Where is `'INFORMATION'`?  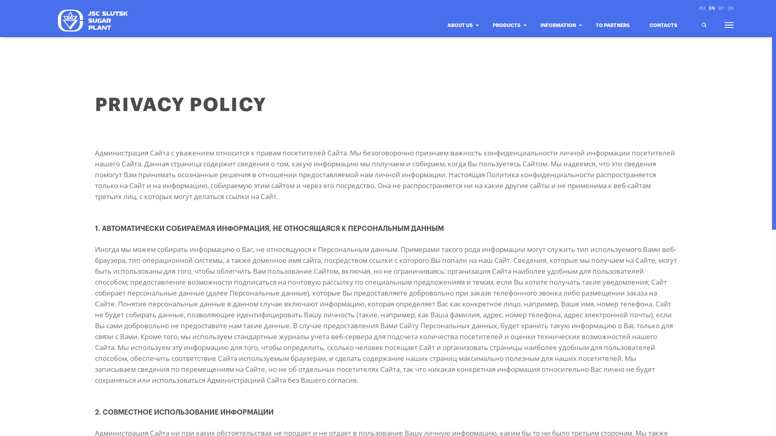
'INFORMATION' is located at coordinates (560, 32).